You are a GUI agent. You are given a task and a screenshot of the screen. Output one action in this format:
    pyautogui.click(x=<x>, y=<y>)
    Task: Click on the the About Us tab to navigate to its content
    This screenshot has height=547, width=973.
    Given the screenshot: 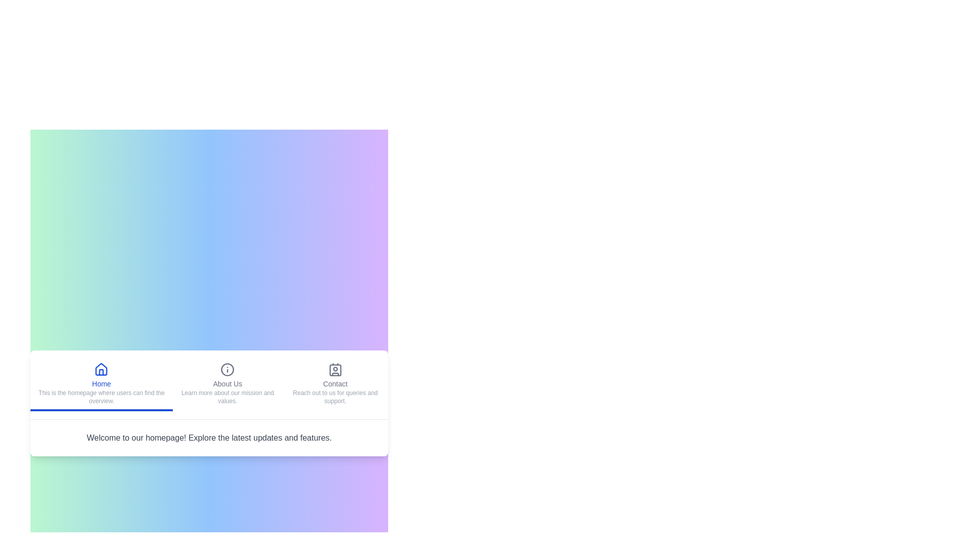 What is the action you would take?
    pyautogui.click(x=227, y=384)
    